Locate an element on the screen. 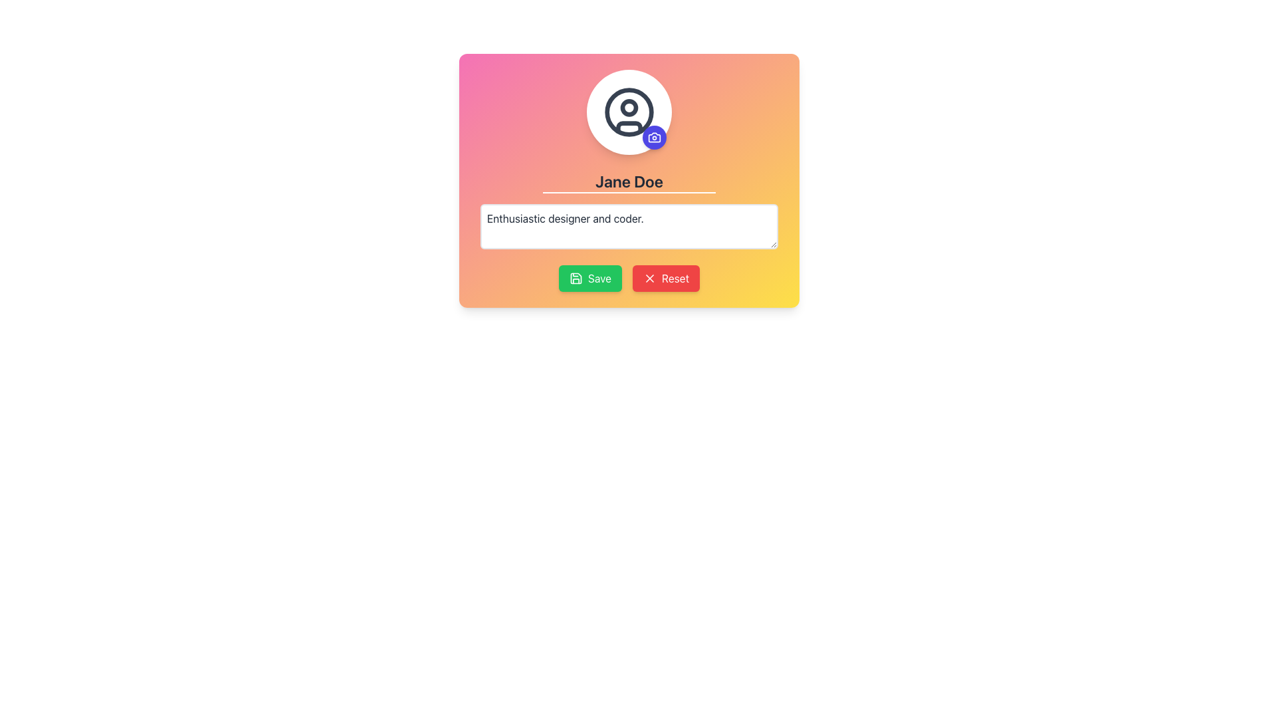 The width and height of the screenshot is (1276, 718). the icon representing a document with a downward-facing arrow, which is located to the left of the 'Save' text within the green action button is located at coordinates (576, 278).